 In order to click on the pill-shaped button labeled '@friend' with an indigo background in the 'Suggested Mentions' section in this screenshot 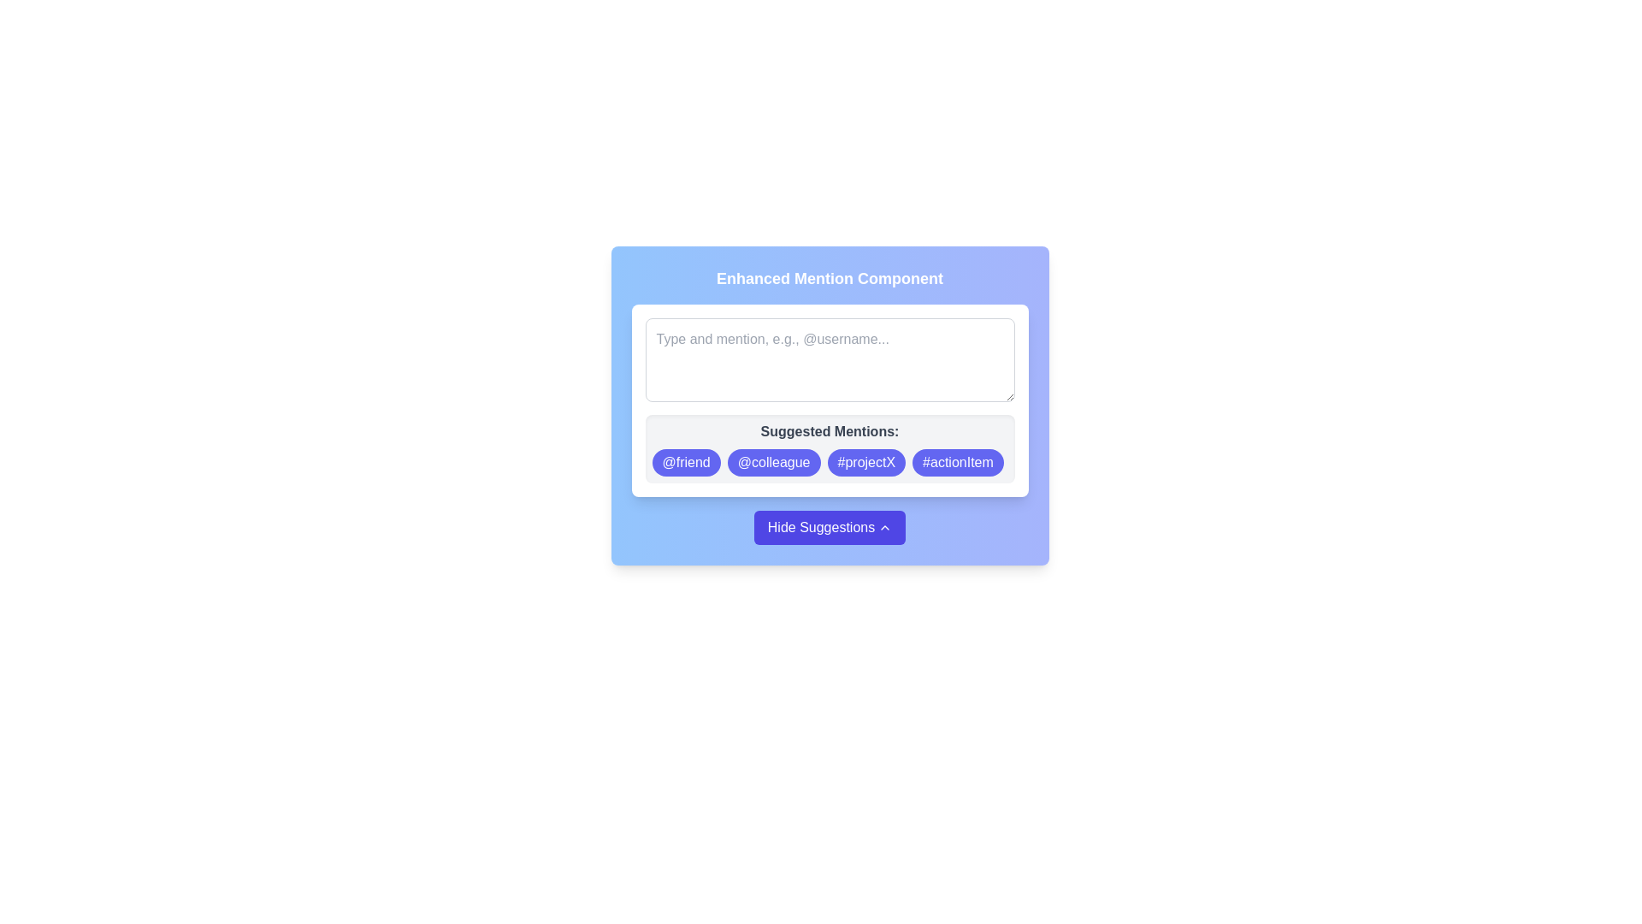, I will do `click(686, 462)`.